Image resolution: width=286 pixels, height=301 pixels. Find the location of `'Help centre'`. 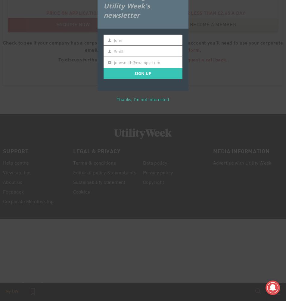

'Help centre' is located at coordinates (15, 163).